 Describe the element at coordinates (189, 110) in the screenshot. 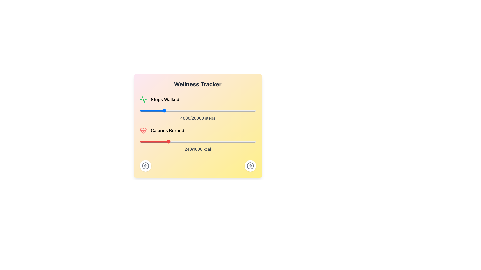

I see `the steps walked` at that location.